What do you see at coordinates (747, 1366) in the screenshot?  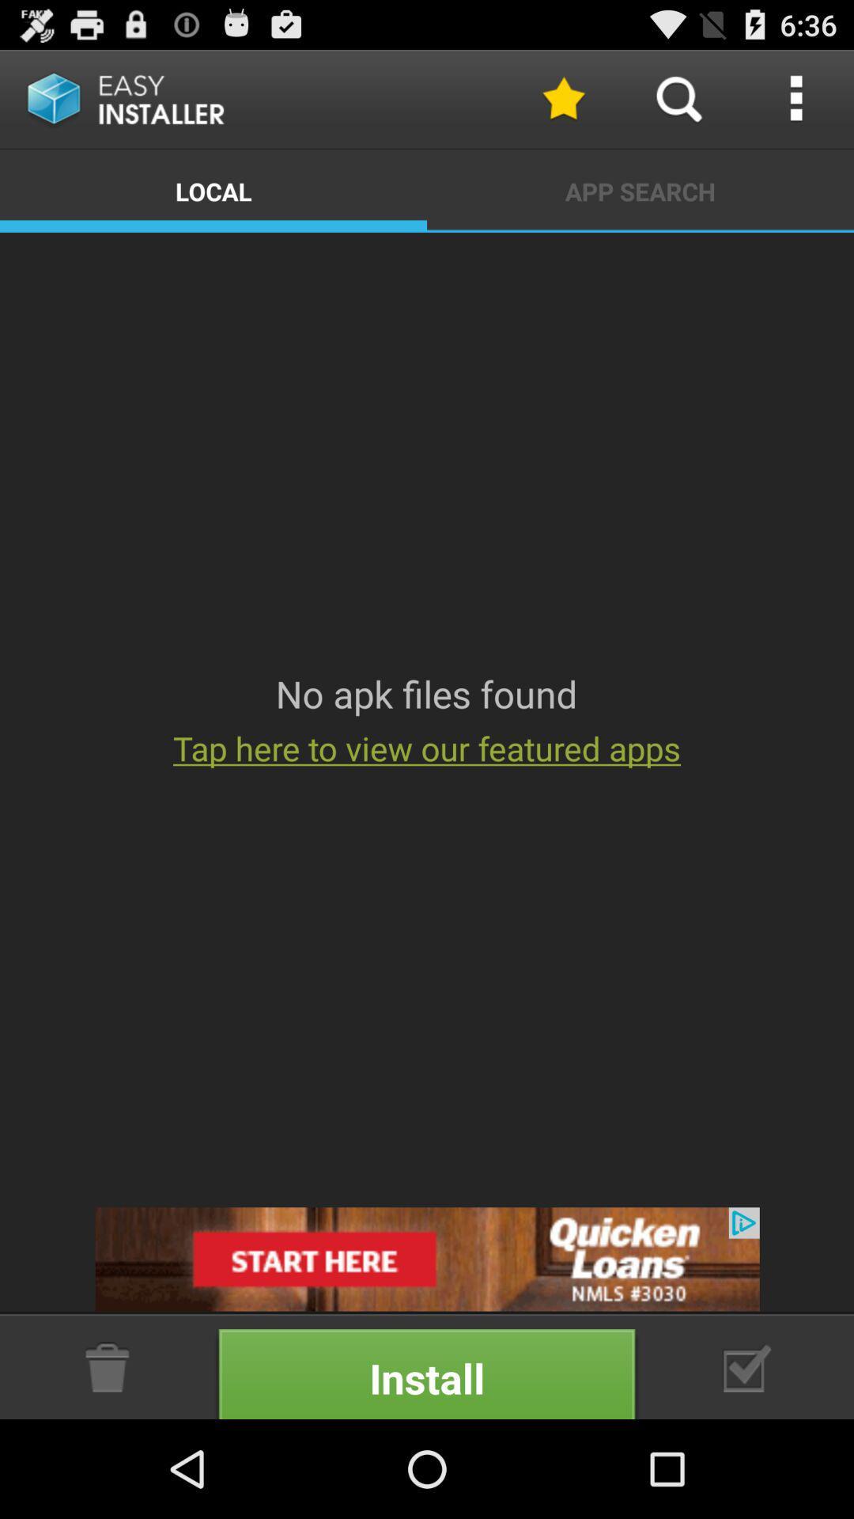 I see `tick to confirm` at bounding box center [747, 1366].